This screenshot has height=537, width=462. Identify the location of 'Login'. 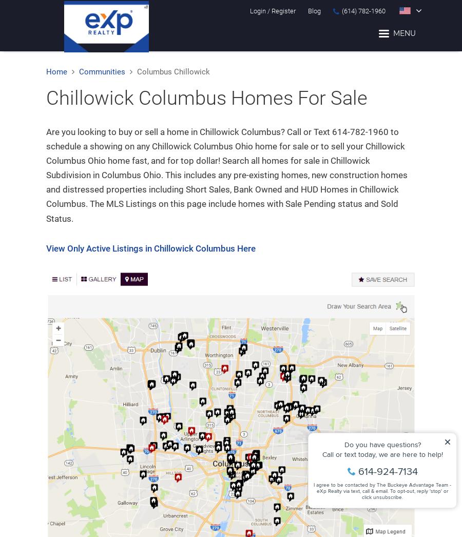
(257, 10).